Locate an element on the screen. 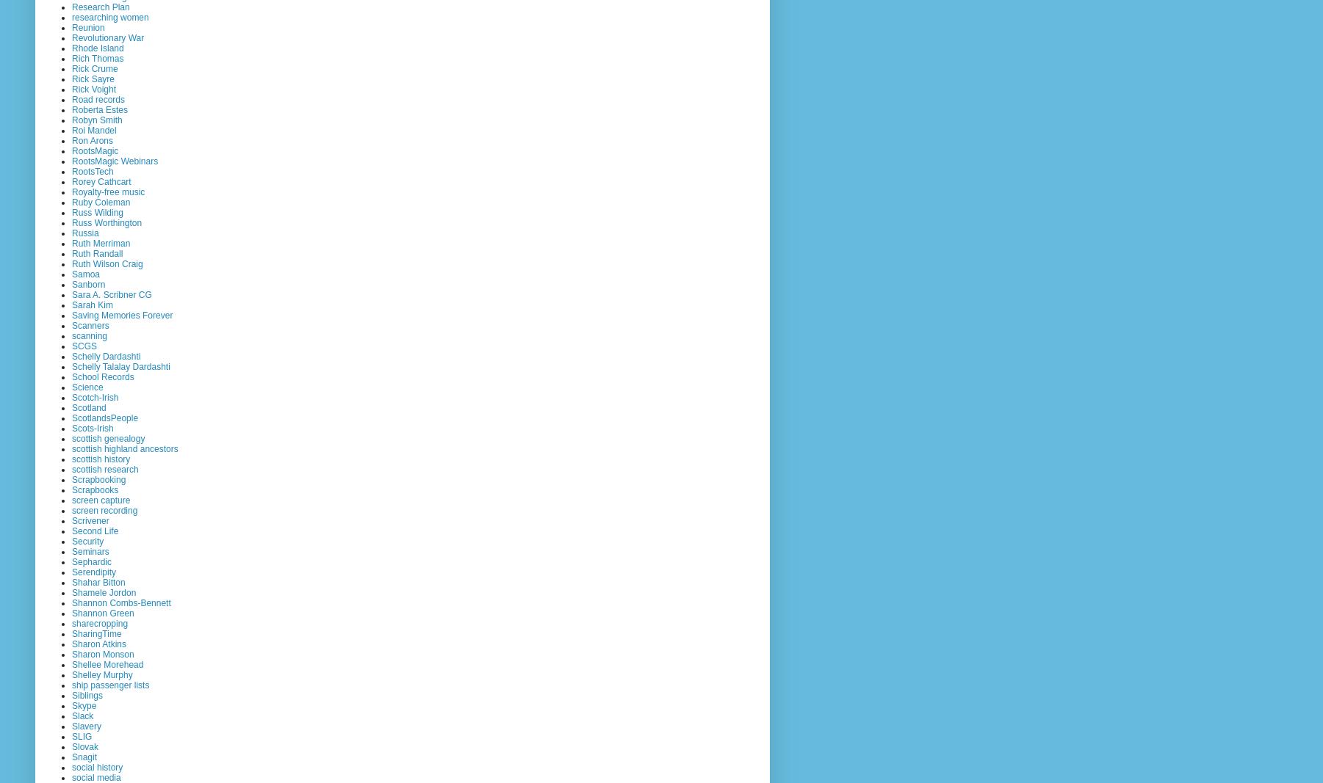 The image size is (1323, 783). 'Scrapbooking' is located at coordinates (98, 479).